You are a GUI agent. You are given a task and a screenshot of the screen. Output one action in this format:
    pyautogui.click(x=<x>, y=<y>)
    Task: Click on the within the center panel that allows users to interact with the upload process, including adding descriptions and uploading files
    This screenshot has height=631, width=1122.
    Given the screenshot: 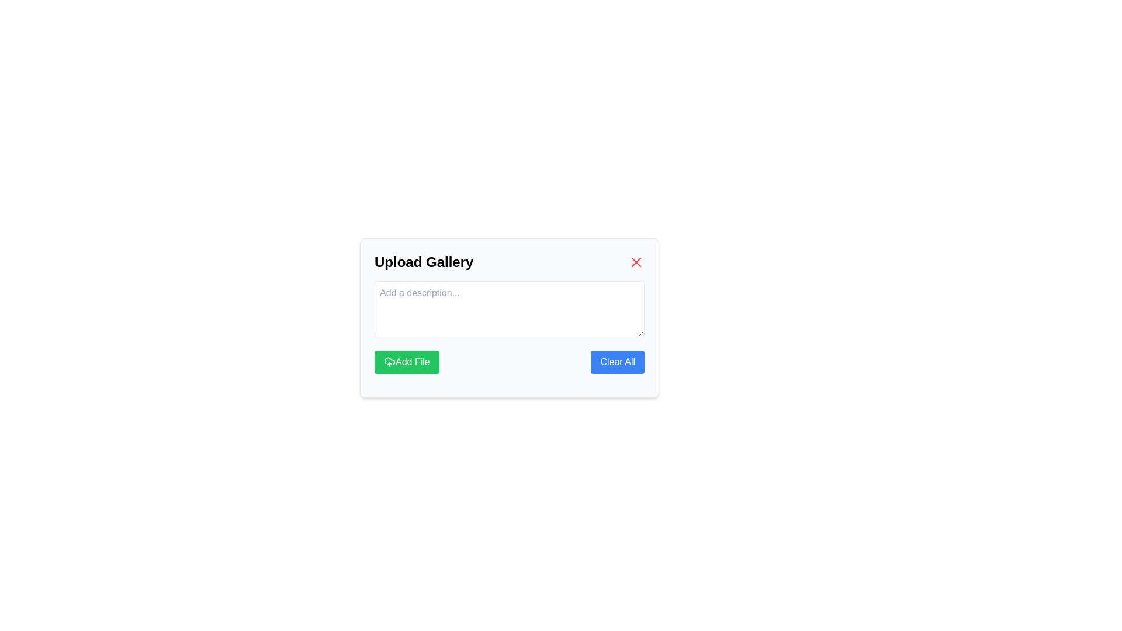 What is the action you would take?
    pyautogui.click(x=510, y=317)
    